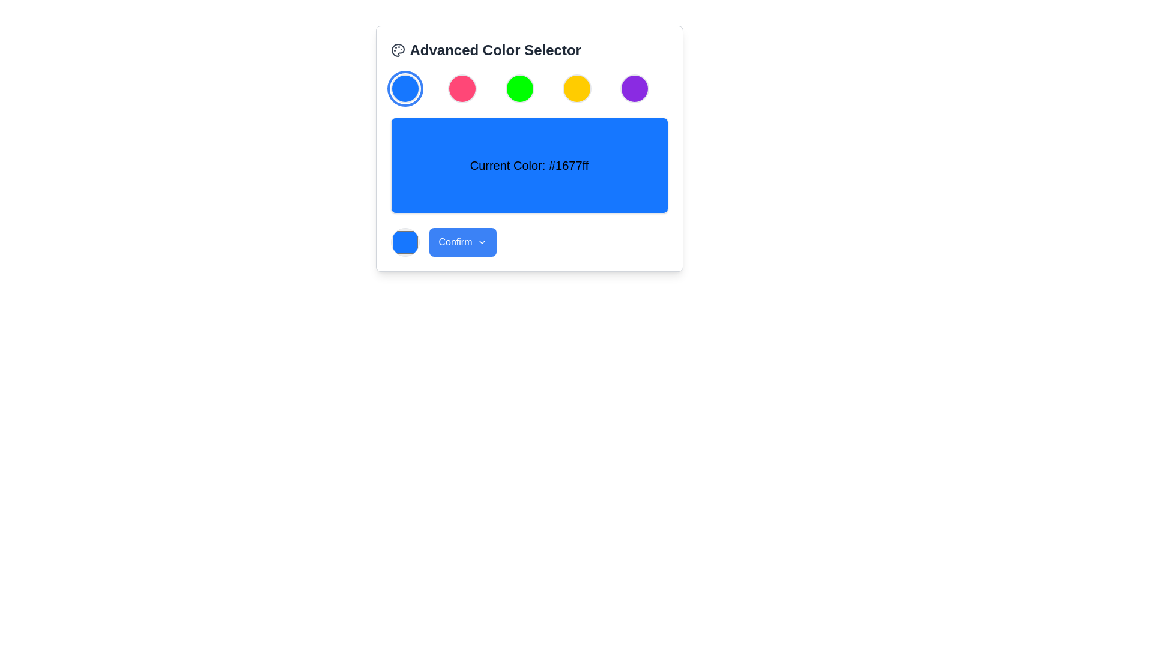  Describe the element at coordinates (528, 88) in the screenshot. I see `one of the colorful circles within the 'Advanced Color Selector'` at that location.